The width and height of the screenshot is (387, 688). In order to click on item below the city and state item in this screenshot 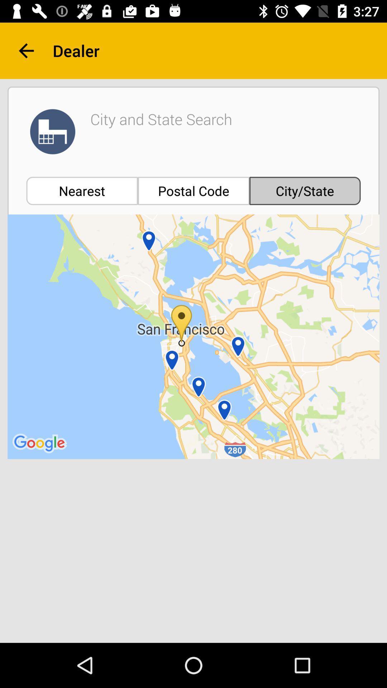, I will do `click(193, 191)`.